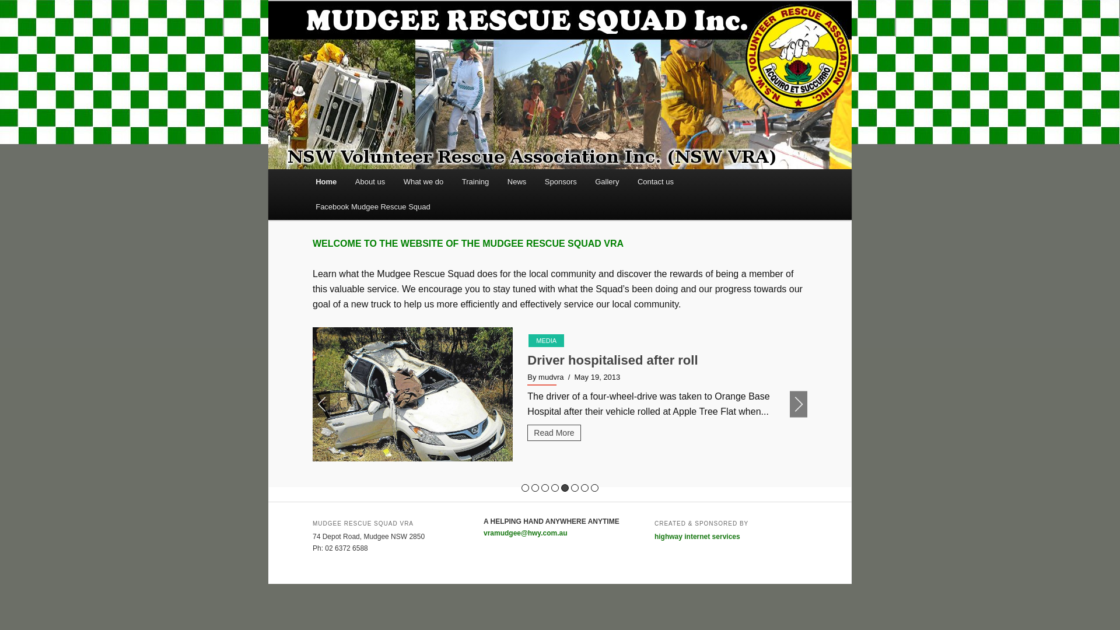 The height and width of the screenshot is (630, 1120). Describe the element at coordinates (516, 181) in the screenshot. I see `'News'` at that location.